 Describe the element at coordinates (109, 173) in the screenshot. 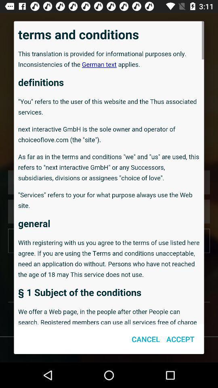

I see `terms and conditons details in screen` at that location.